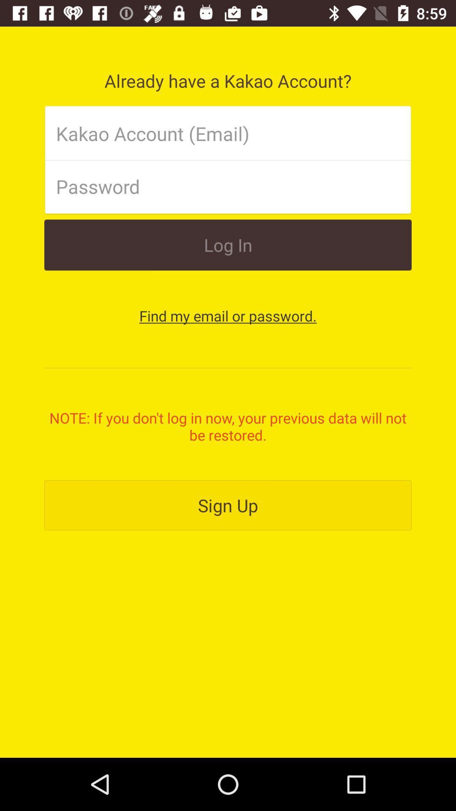 The image size is (456, 811). What do you see at coordinates (213, 186) in the screenshot?
I see `password spece` at bounding box center [213, 186].